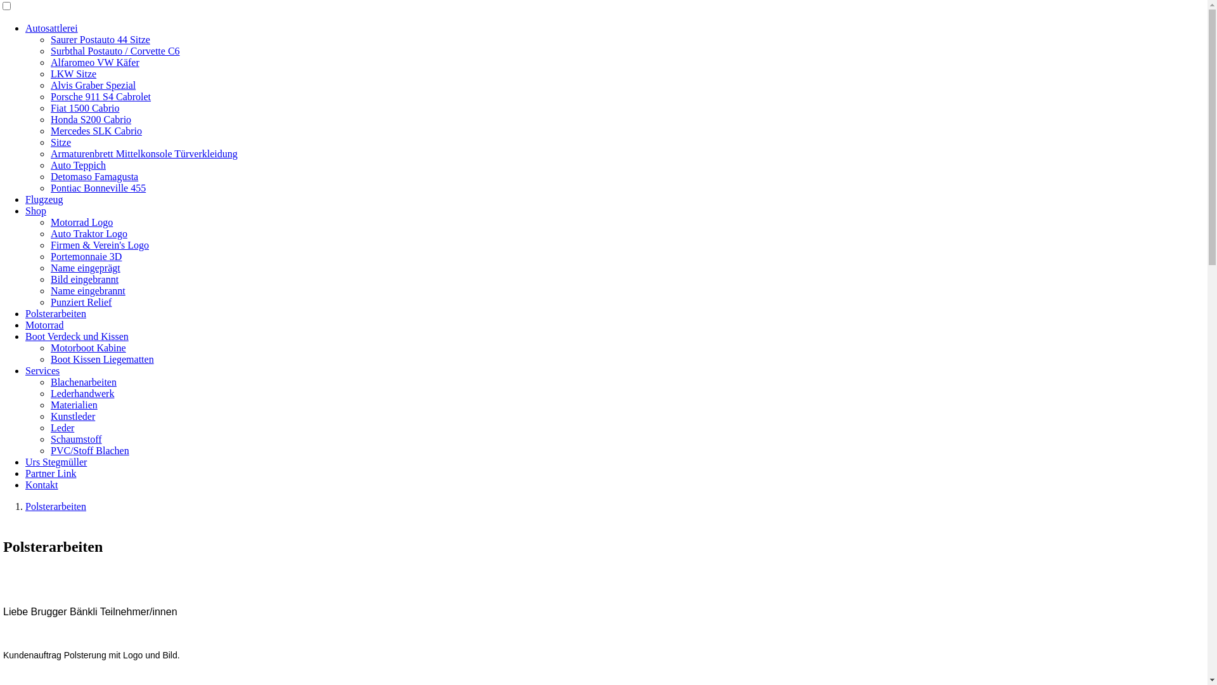 The image size is (1217, 685). Describe the element at coordinates (83, 381) in the screenshot. I see `'Blachenarbeiten'` at that location.